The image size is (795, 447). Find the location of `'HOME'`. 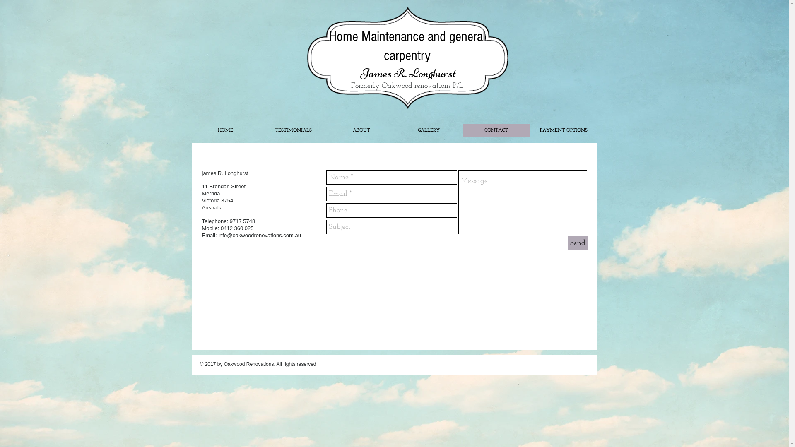

'HOME' is located at coordinates (225, 130).